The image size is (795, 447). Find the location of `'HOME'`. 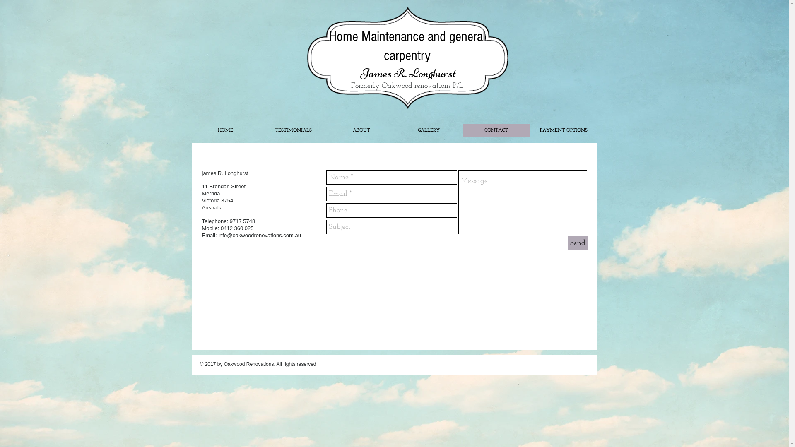

'HOME' is located at coordinates (225, 130).